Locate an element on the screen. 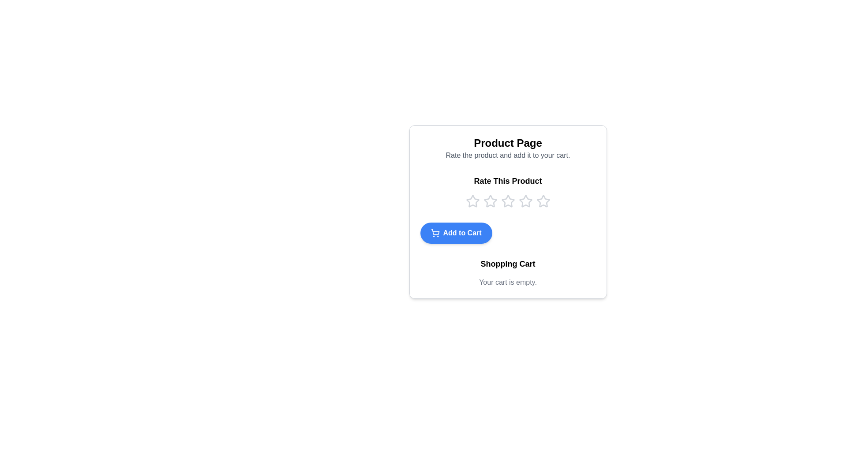 Image resolution: width=847 pixels, height=476 pixels. the bolded text label 'Rate This Product', which is prominently displayed above a row of star icons is located at coordinates (508, 181).